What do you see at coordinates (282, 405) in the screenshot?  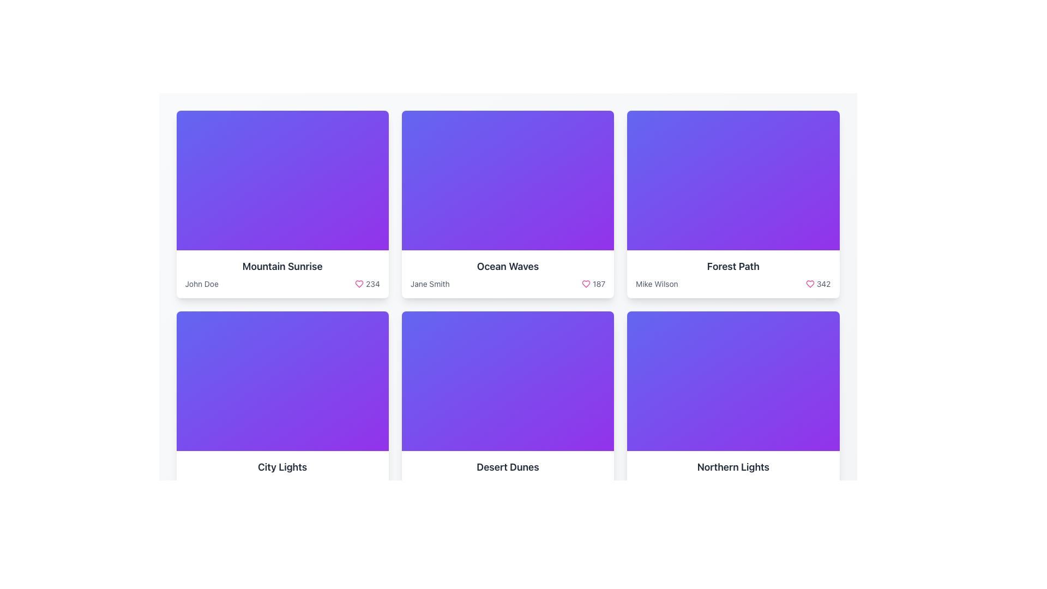 I see `the 'City Lights' card, which is the fourth card` at bounding box center [282, 405].